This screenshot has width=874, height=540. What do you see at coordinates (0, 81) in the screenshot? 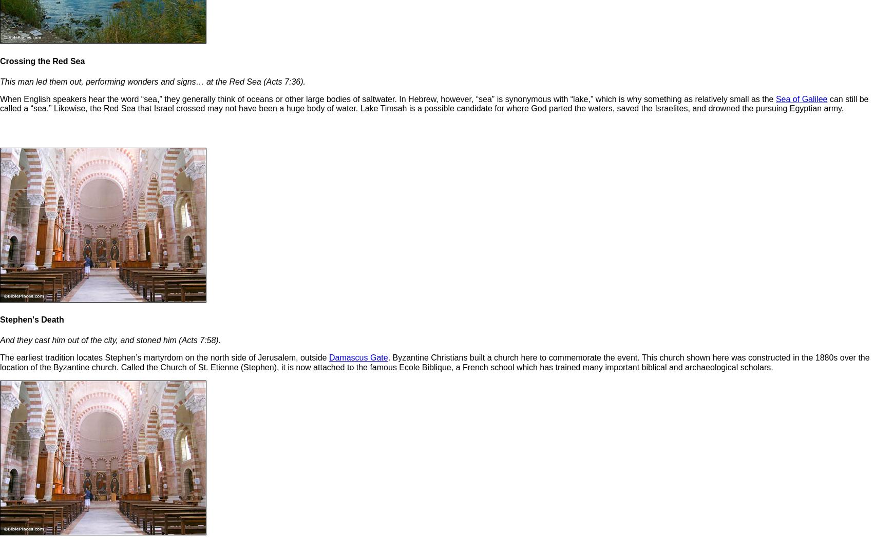
I see `'This man led them out, performing wonders and signs… at the Red Sea (Acts 7:36).'` at bounding box center [0, 81].